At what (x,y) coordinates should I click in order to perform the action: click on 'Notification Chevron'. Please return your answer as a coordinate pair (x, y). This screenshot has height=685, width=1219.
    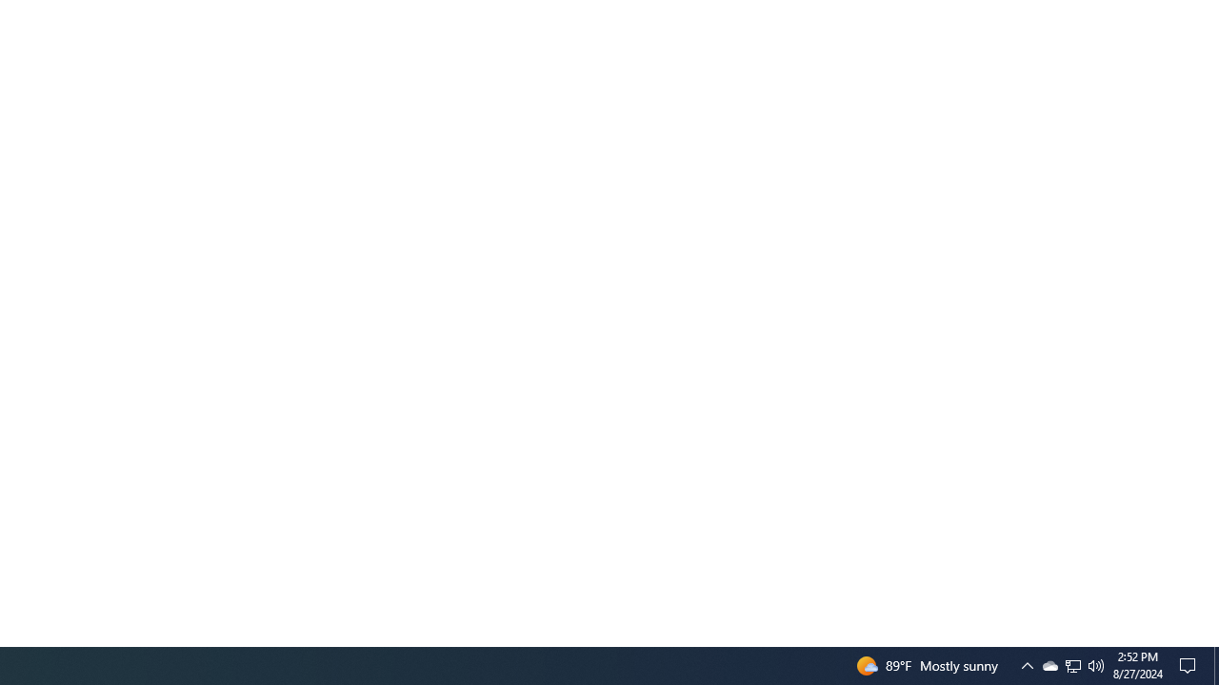
    Looking at the image, I should click on (1027, 664).